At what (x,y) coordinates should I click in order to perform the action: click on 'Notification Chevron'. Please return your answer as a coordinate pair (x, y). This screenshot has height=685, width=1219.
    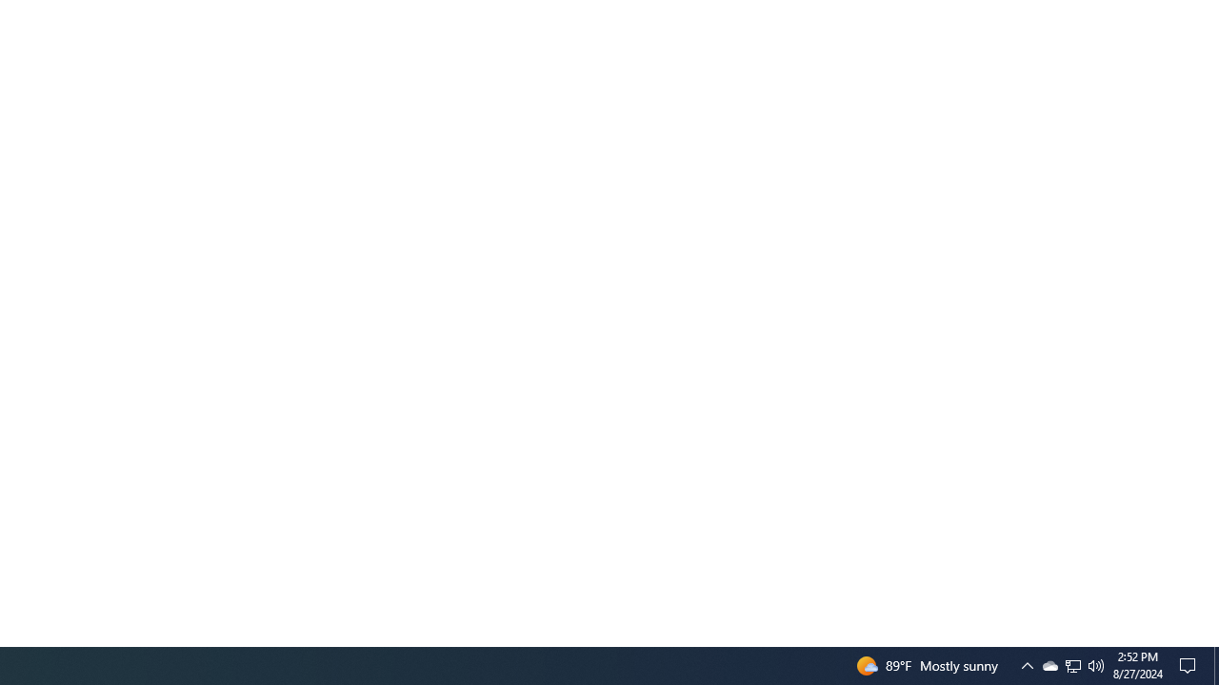
    Looking at the image, I should click on (1027, 664).